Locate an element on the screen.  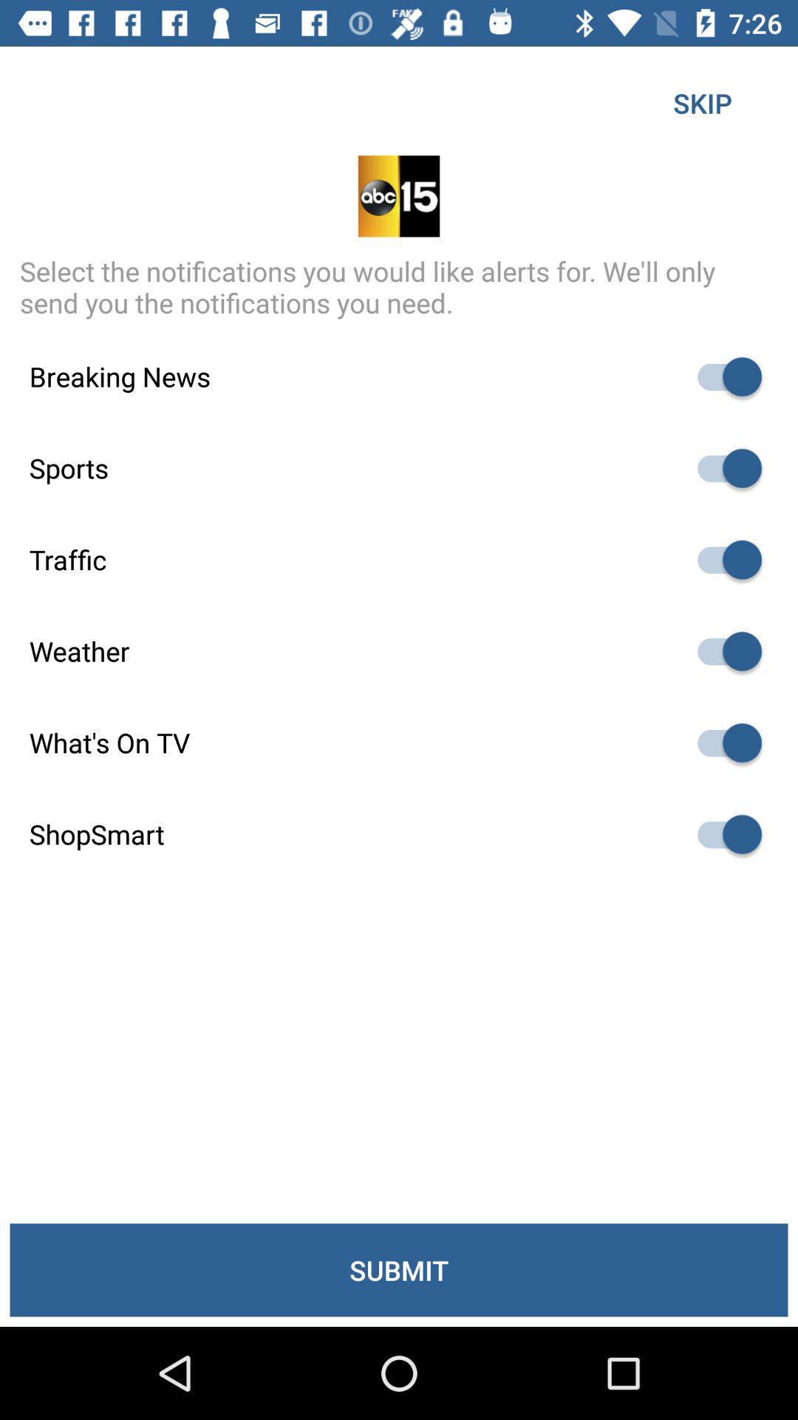
this button turns on or off traffic alerts is located at coordinates (722, 559).